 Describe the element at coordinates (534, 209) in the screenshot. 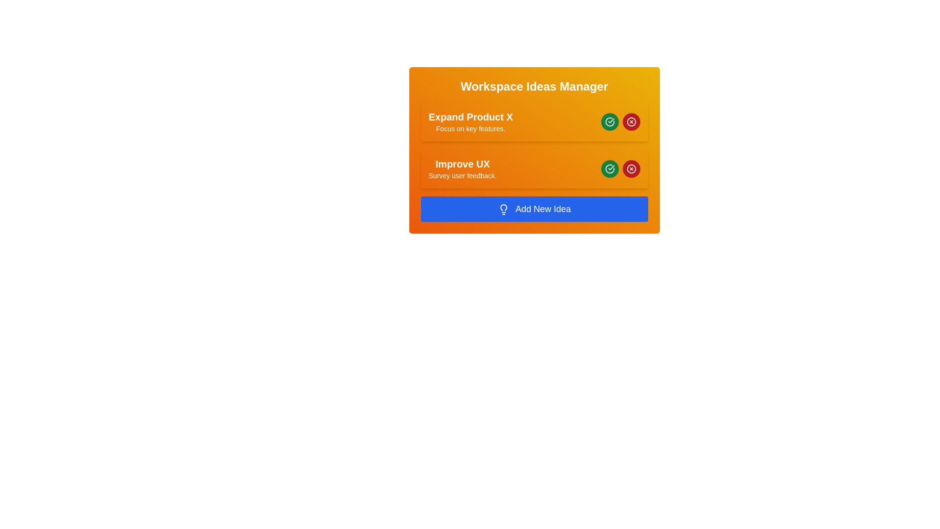

I see `the 'Add New Idea' button located at the bottom of the 'Workspace Ideas Manager' layout` at that location.